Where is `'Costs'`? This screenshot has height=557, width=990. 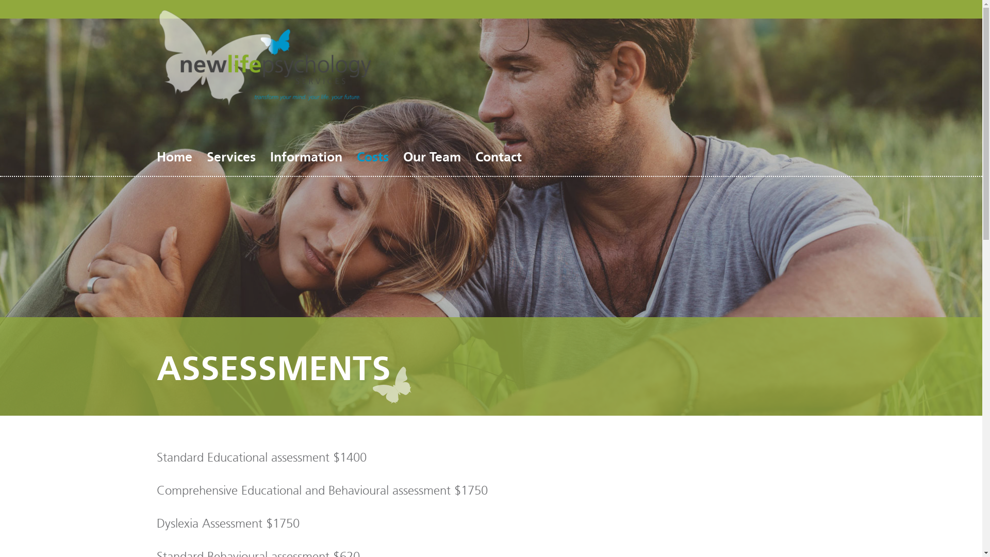 'Costs' is located at coordinates (372, 157).